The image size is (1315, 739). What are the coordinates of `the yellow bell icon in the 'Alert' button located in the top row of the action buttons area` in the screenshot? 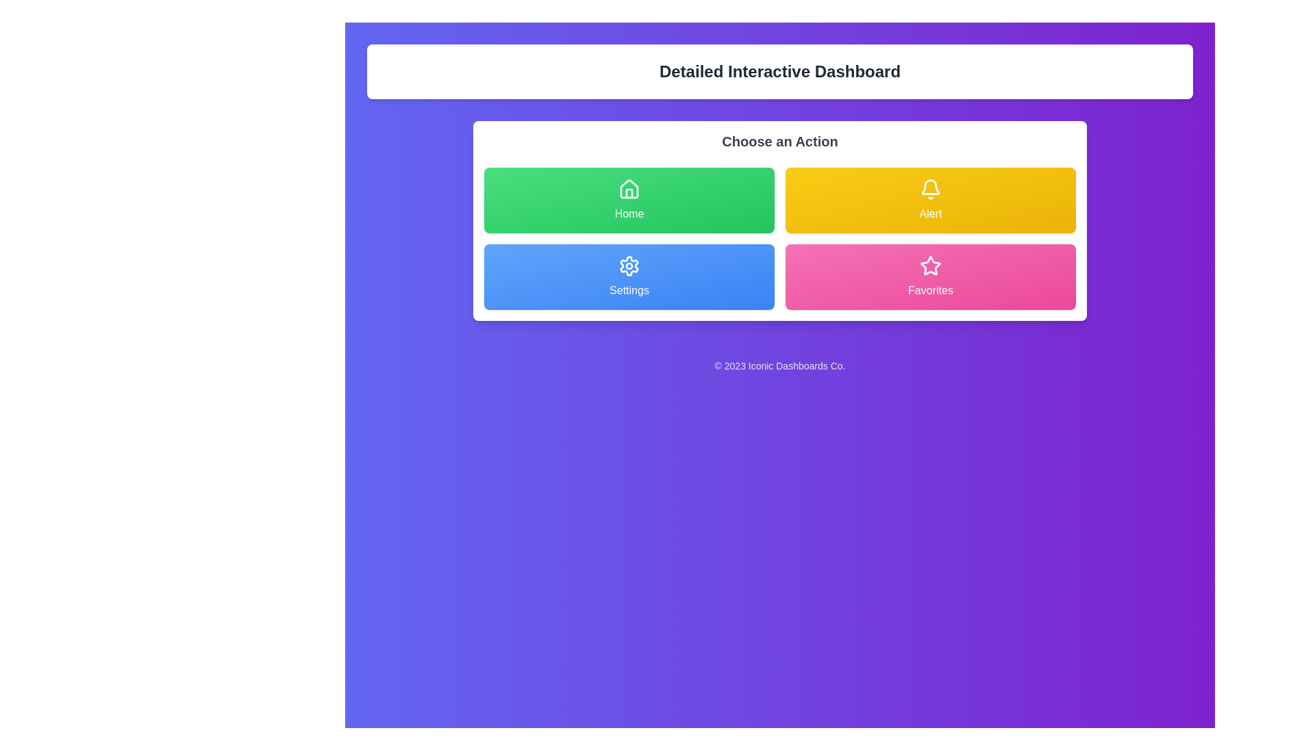 It's located at (930, 187).